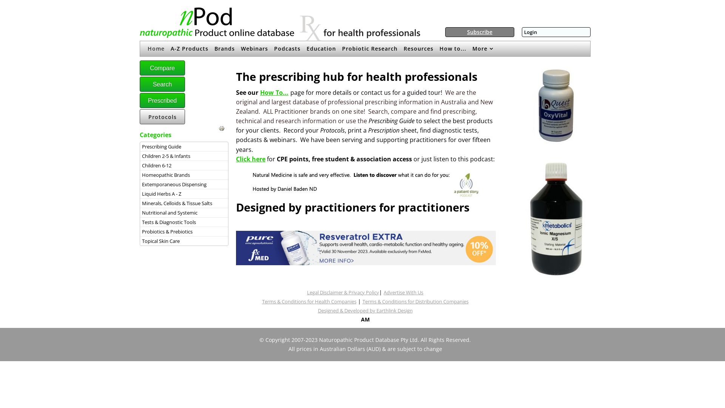 The image size is (725, 408). I want to click on 'A-Z Products', so click(190, 48).